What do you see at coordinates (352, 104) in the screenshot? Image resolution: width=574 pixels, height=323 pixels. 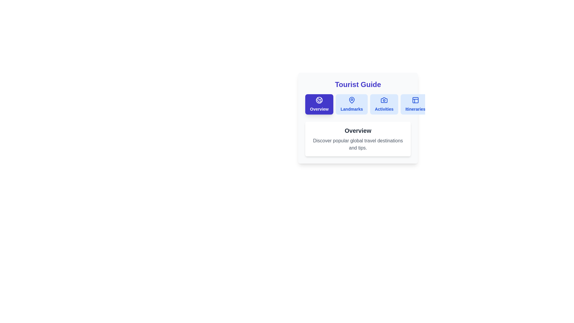 I see `the tab labeled Landmarks to inspect its icon and label` at bounding box center [352, 104].